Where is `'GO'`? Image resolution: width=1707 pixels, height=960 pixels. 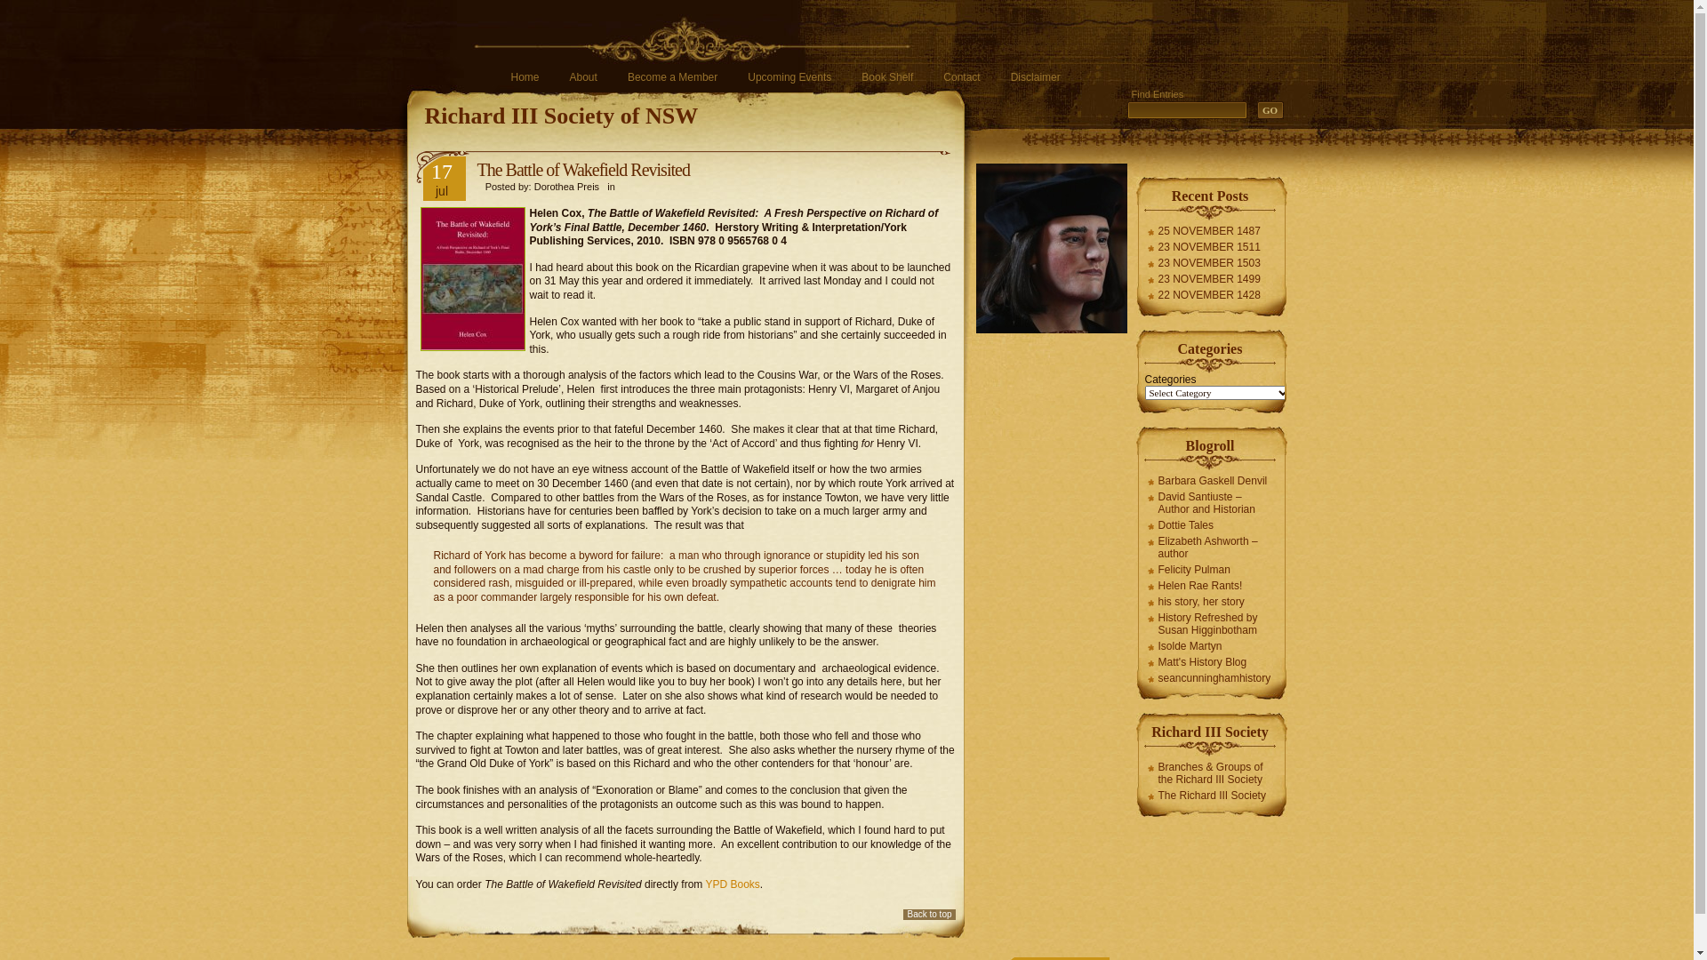 'GO' is located at coordinates (1270, 109).